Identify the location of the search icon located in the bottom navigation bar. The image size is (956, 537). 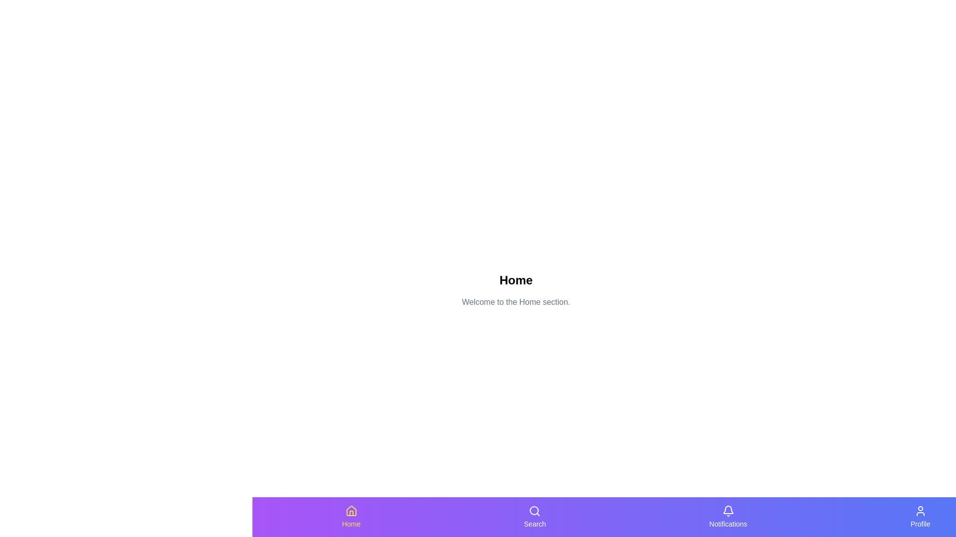
(534, 511).